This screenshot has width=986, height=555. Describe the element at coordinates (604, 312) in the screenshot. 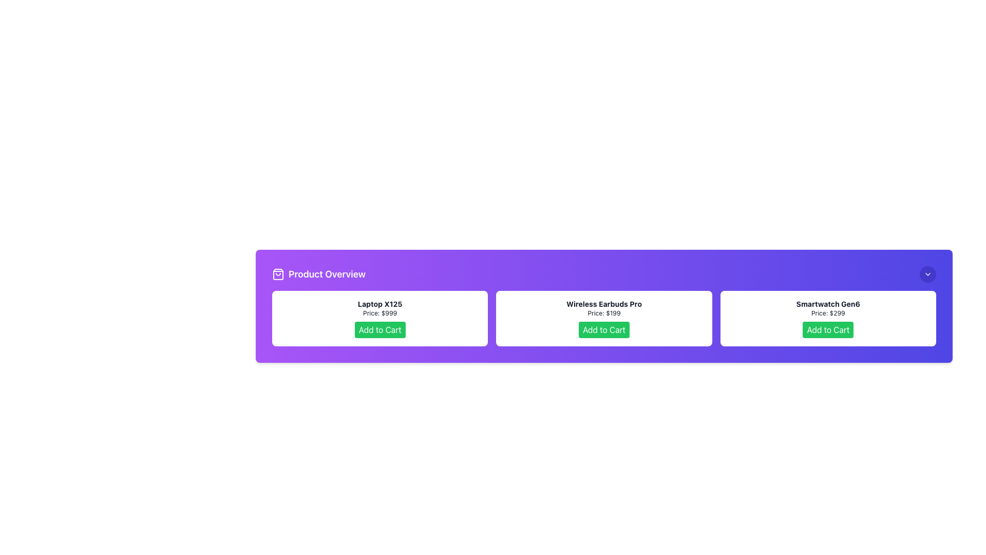

I see `the text label displaying 'Price: $199', which is positioned beneath the product title 'Wireless Earbuds Pro' and above the 'Add to Cart' button within a card layout` at that location.